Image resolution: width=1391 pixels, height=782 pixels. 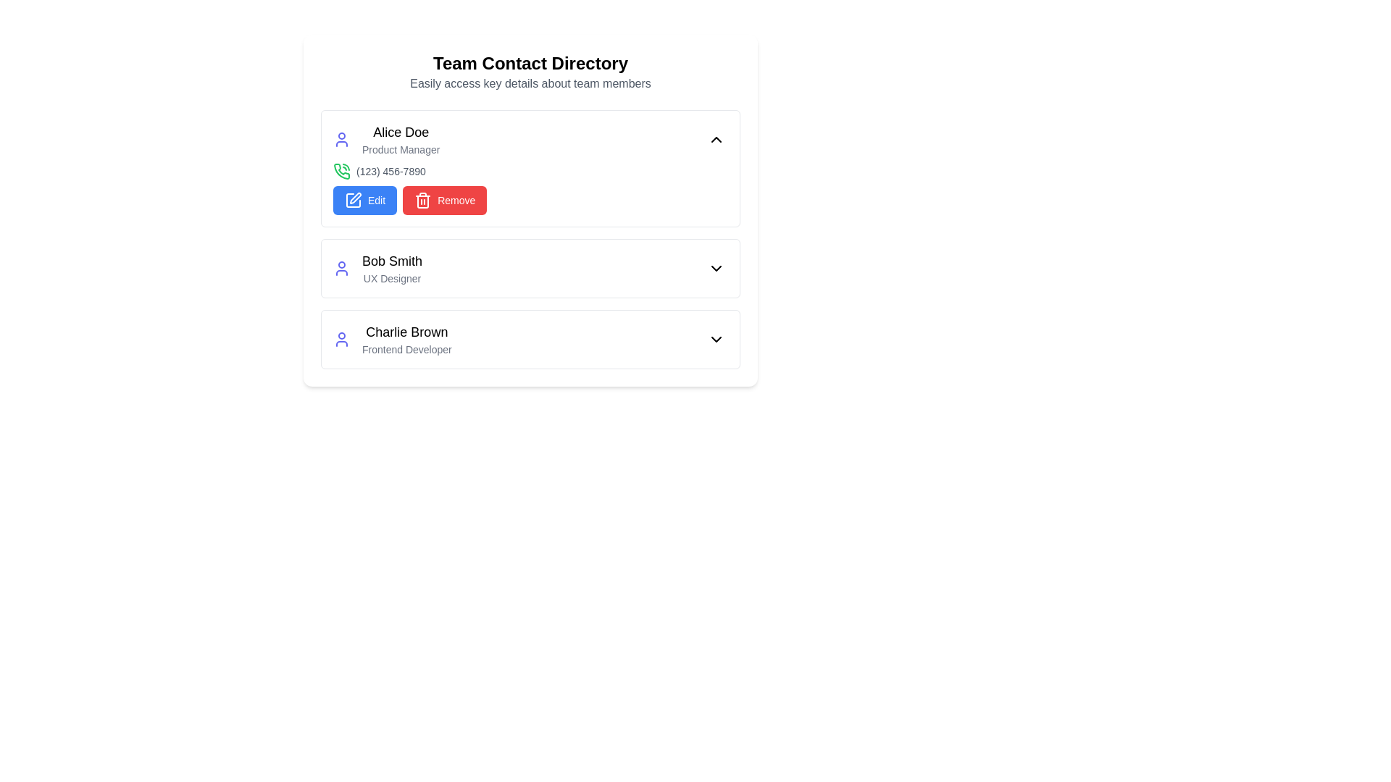 I want to click on the text label displaying 'Frontend Developer' which is located below 'Charlie Brown' in the third contact card, so click(x=406, y=349).